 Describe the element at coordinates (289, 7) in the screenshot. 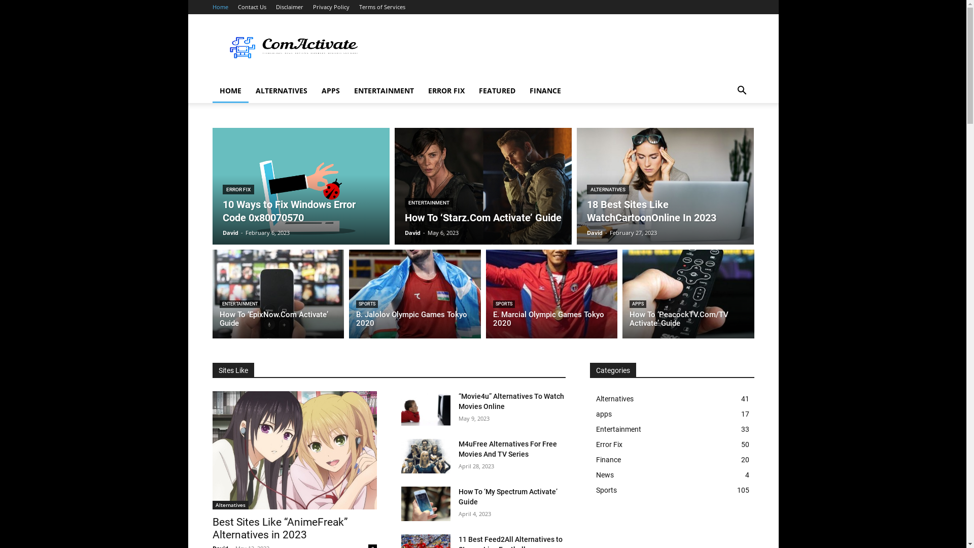

I see `'Disclaimer'` at that location.